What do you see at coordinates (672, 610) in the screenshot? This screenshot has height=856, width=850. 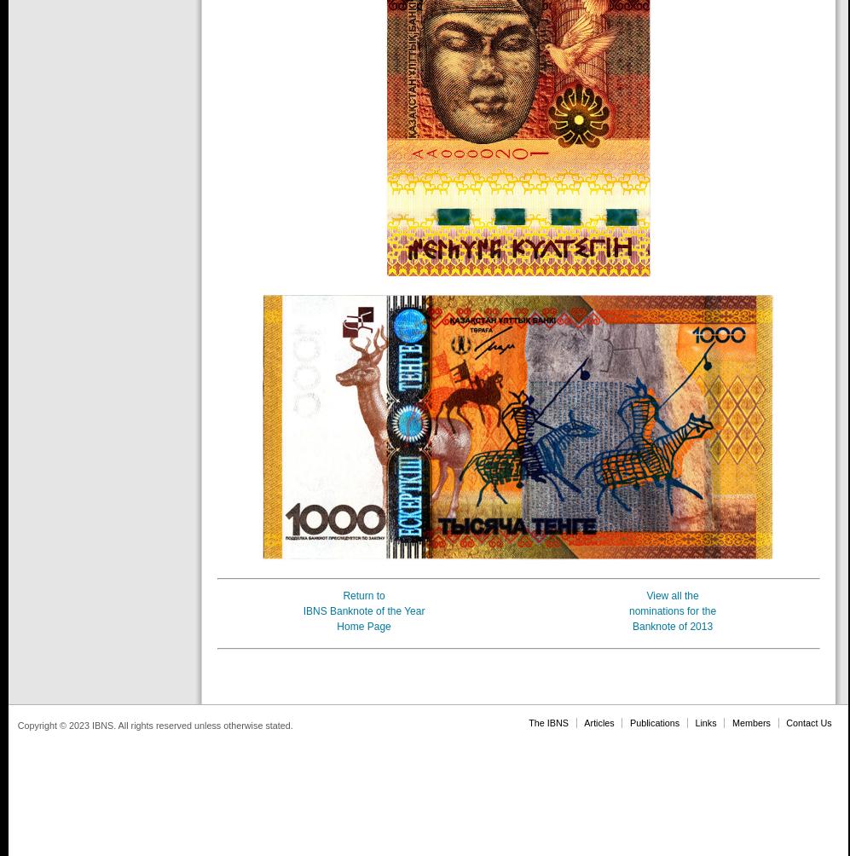 I see `'nominations for the'` at bounding box center [672, 610].